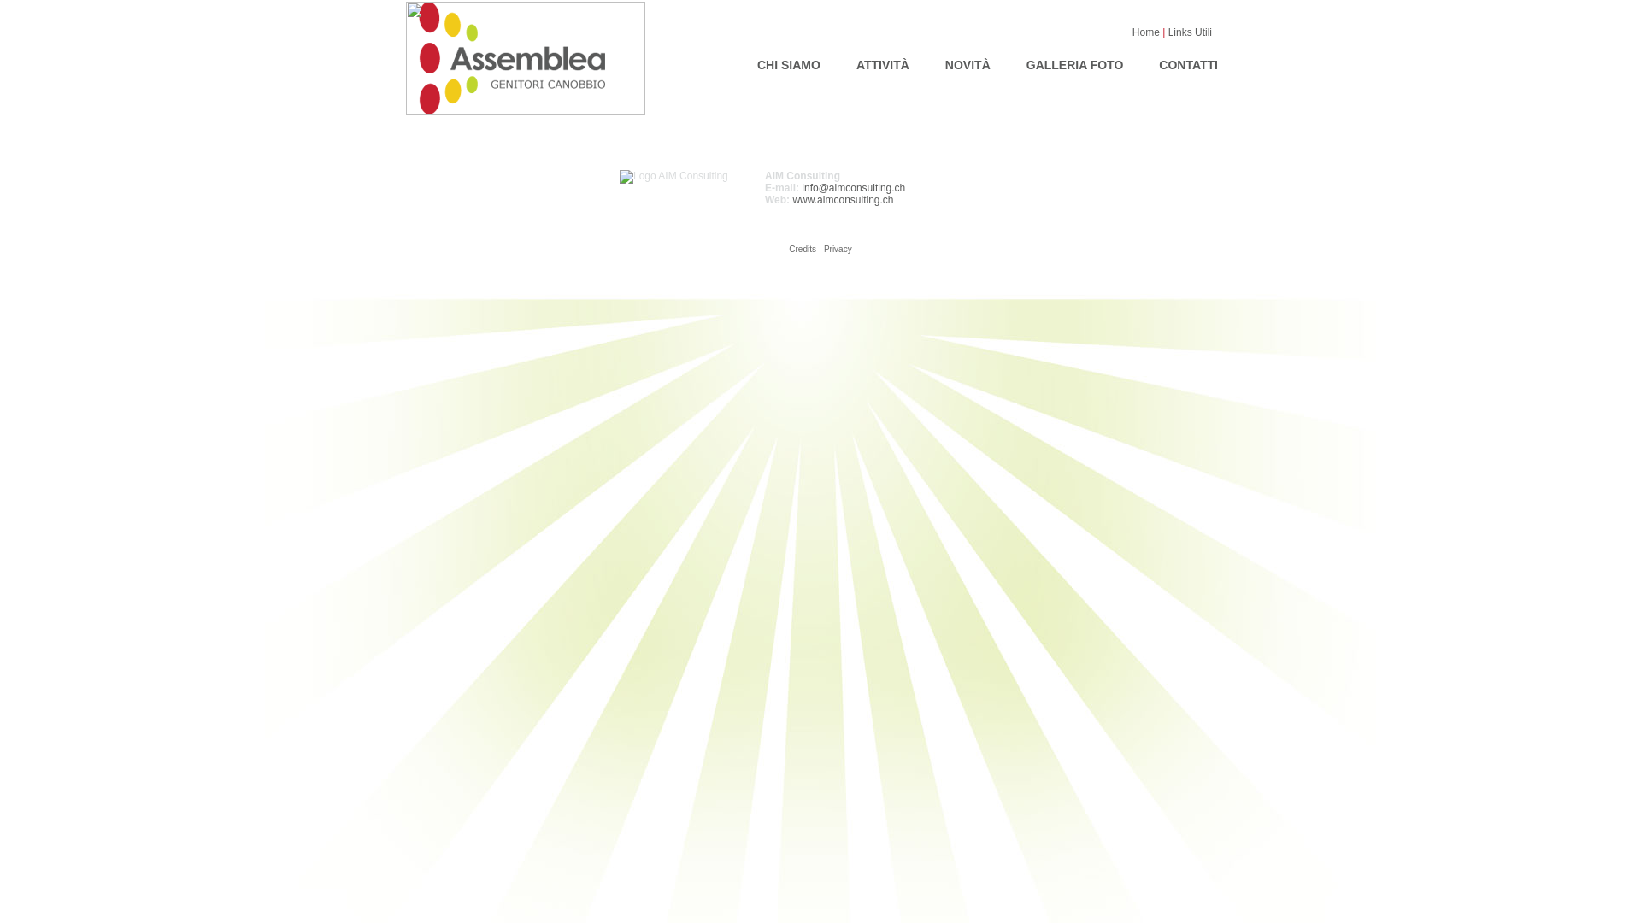 The width and height of the screenshot is (1641, 923). What do you see at coordinates (524, 111) in the screenshot?
I see `'AGC - Assemblea Genitori Canobbio'` at bounding box center [524, 111].